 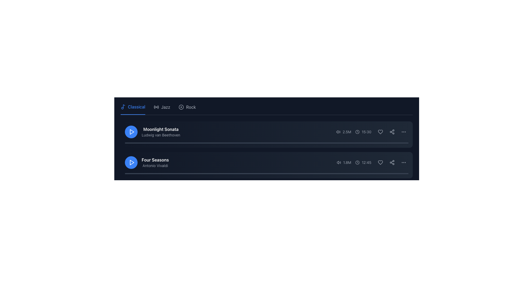 What do you see at coordinates (392, 132) in the screenshot?
I see `the share icon button located at the far right of the actions row for the 'Moonlight Sonata' music item` at bounding box center [392, 132].